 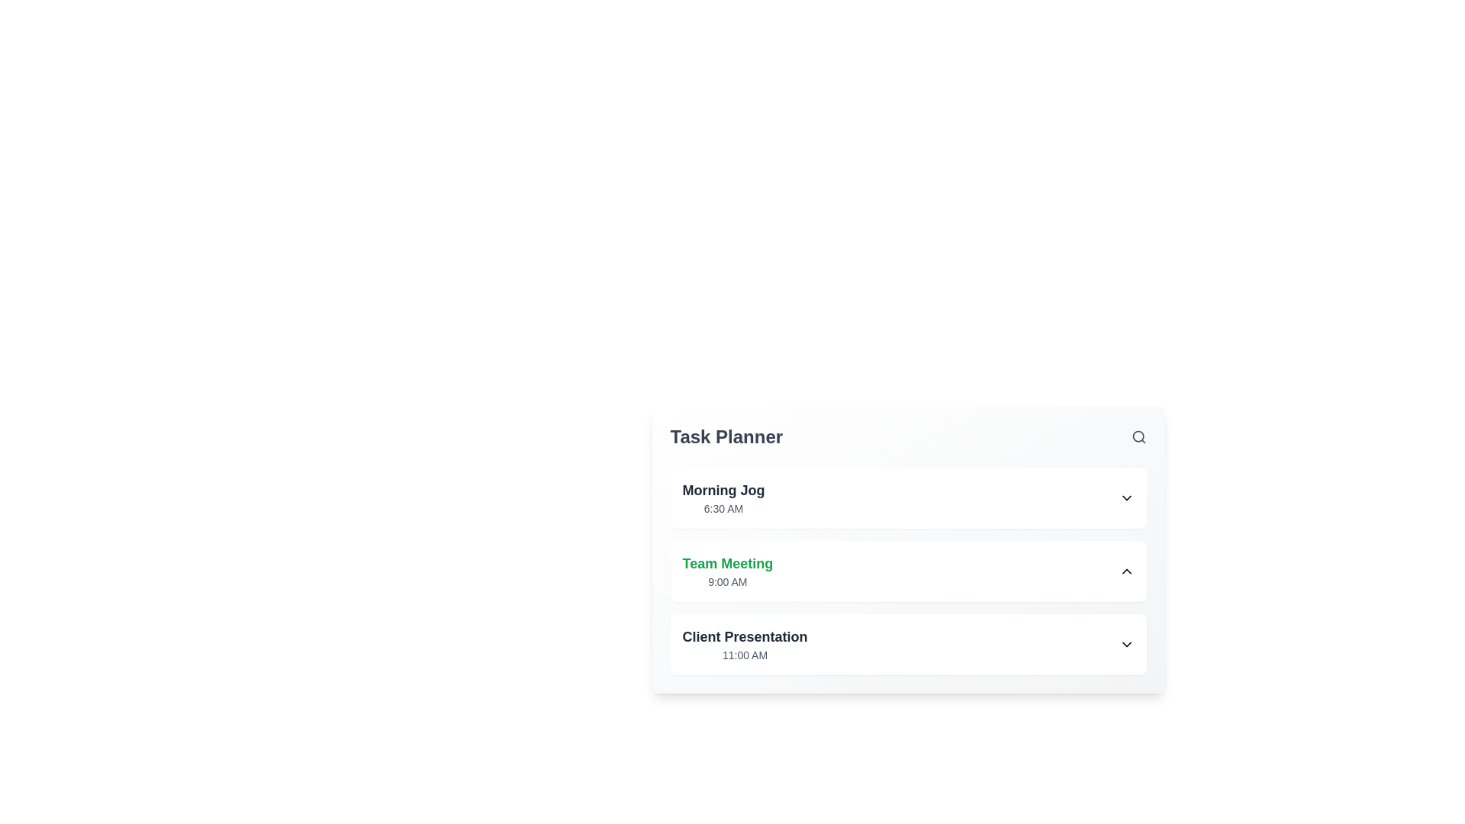 What do you see at coordinates (1126, 644) in the screenshot?
I see `the small black chevron down icon located next to the 'Client Presentation' title` at bounding box center [1126, 644].